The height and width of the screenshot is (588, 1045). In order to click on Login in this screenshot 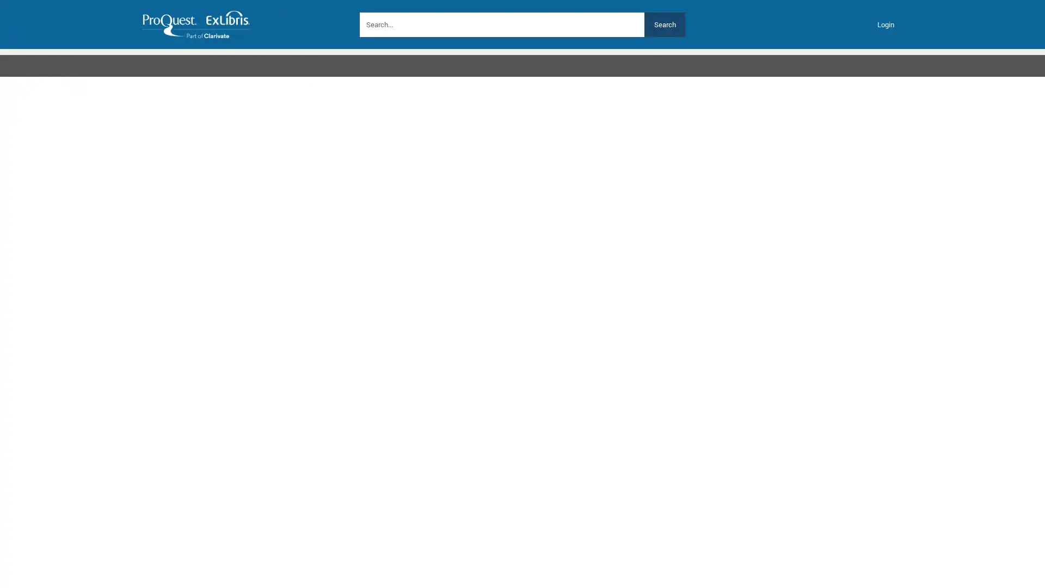, I will do `click(886, 24)`.